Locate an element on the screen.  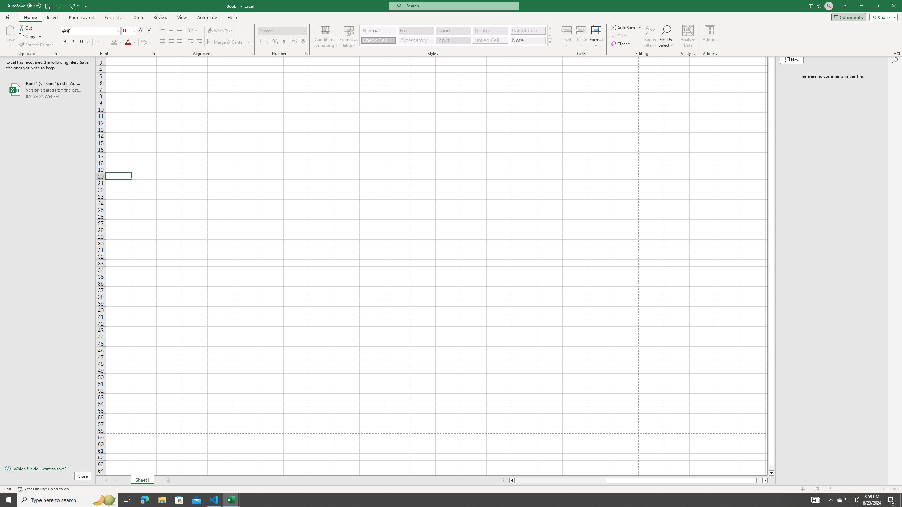
'Share' is located at coordinates (882, 17).